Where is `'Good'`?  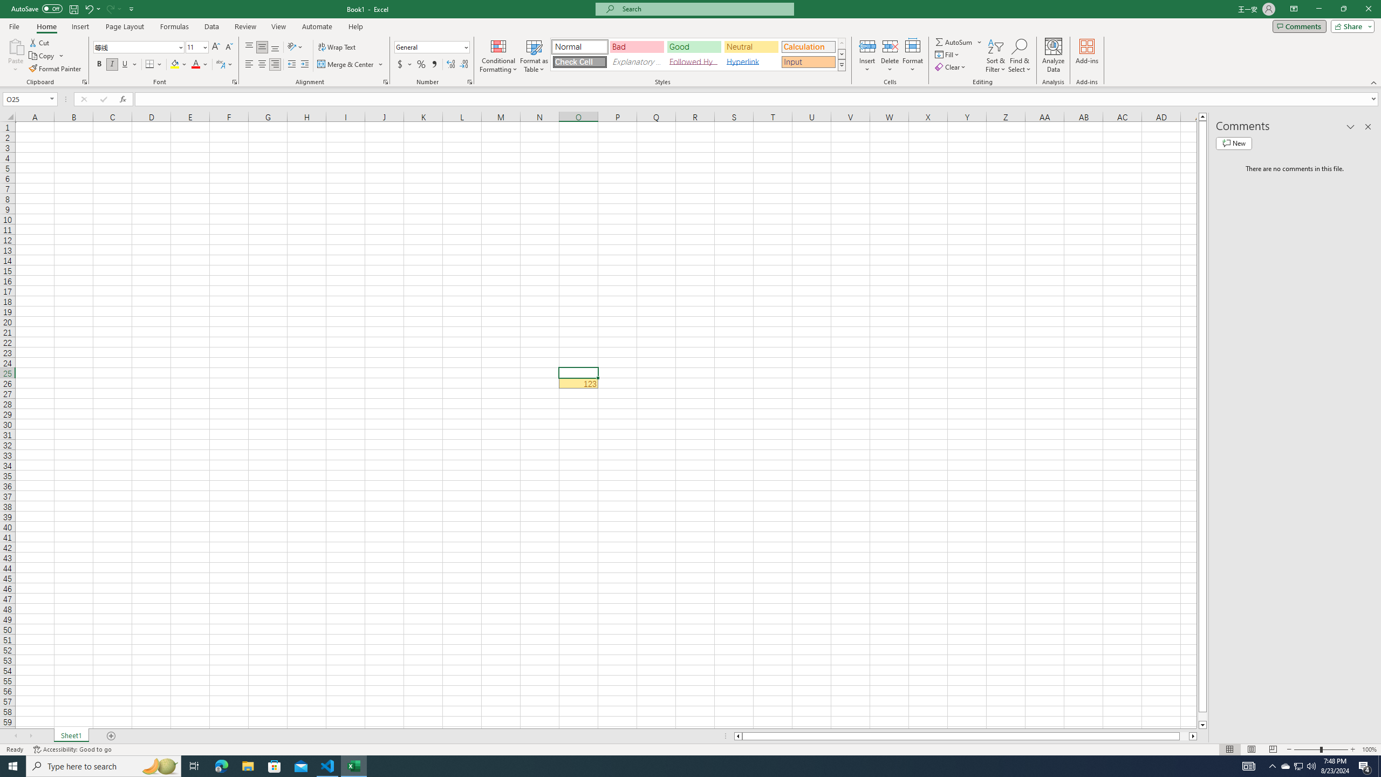
'Good' is located at coordinates (693, 47).